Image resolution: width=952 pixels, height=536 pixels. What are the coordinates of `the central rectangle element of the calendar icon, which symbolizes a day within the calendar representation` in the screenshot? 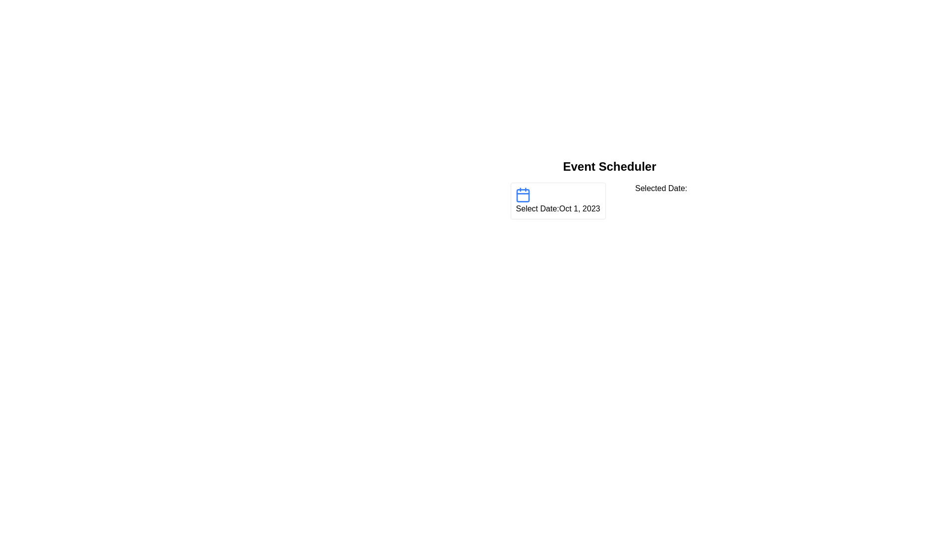 It's located at (522, 196).